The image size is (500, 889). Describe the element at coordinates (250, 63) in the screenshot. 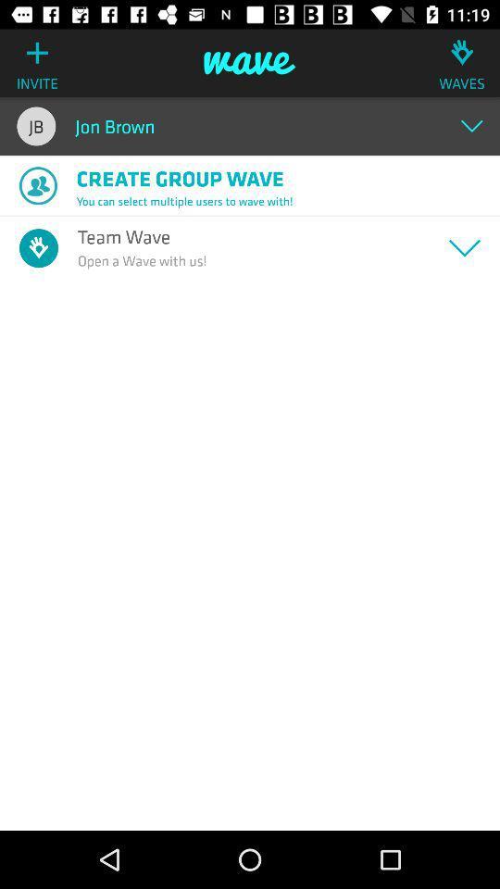

I see `the icon to the left of waves item` at that location.